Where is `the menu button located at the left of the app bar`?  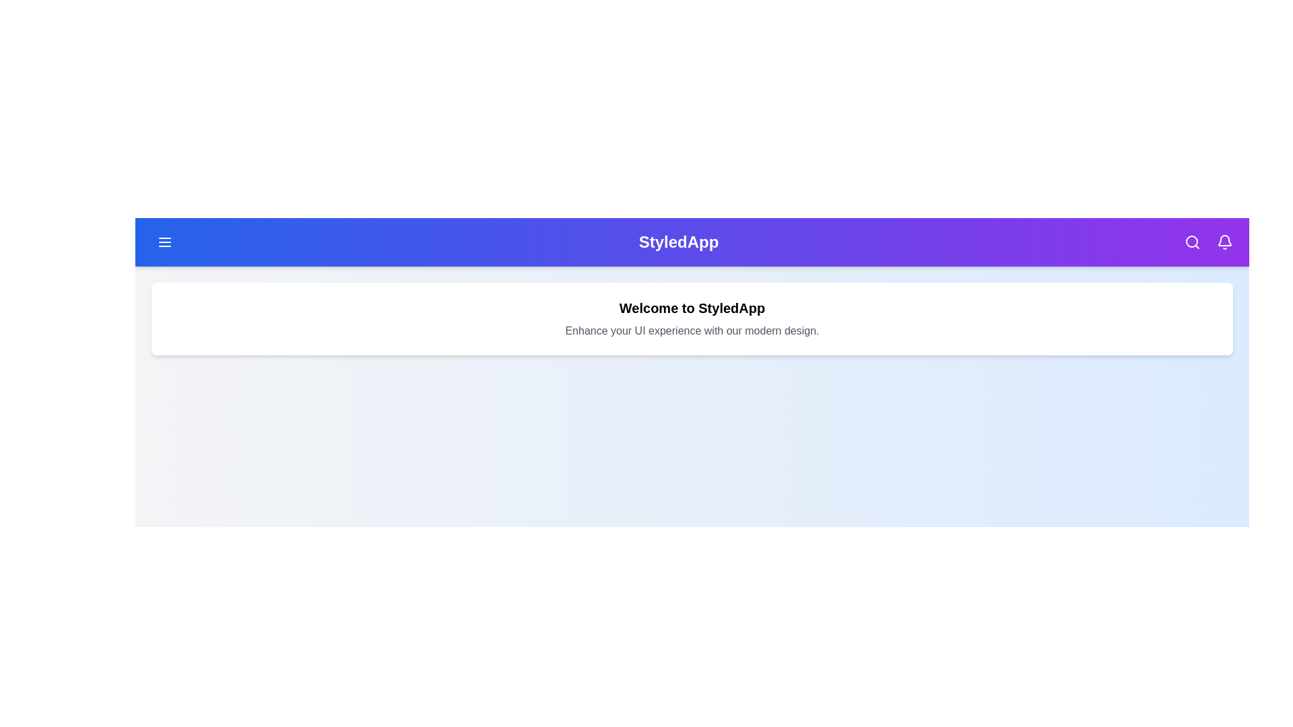 the menu button located at the left of the app bar is located at coordinates (164, 241).